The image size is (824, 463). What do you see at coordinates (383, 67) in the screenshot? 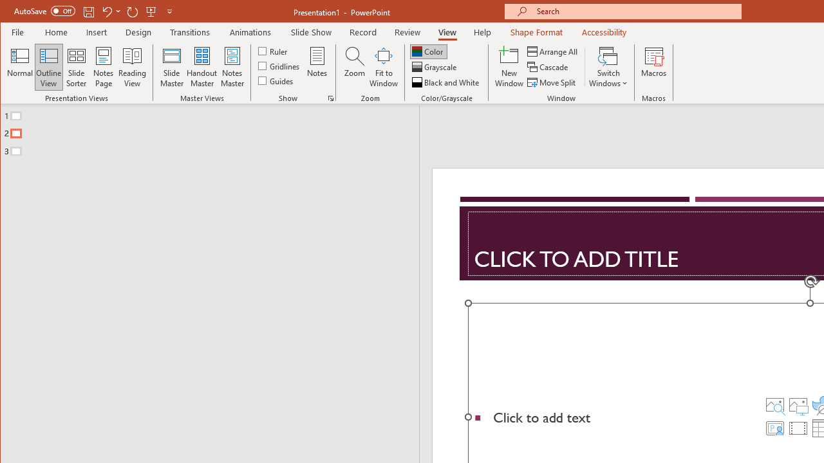
I see `'Fit to Window'` at bounding box center [383, 67].